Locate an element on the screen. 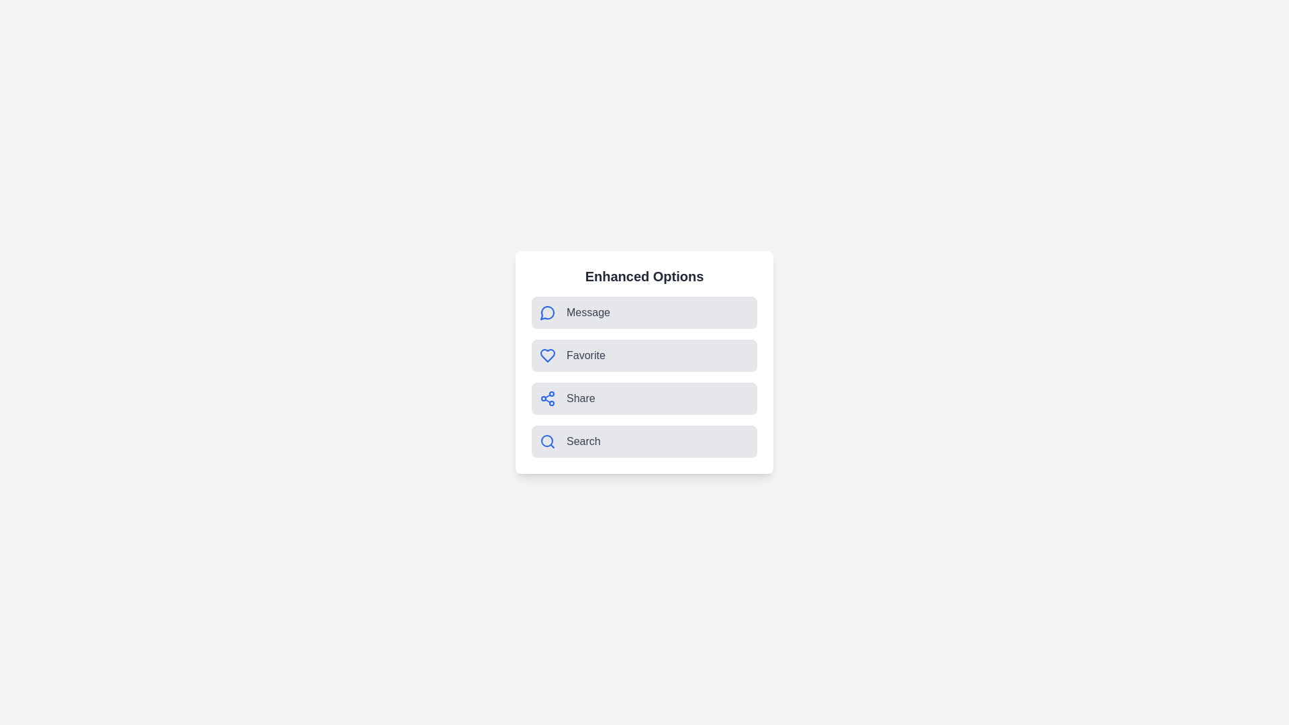 The height and width of the screenshot is (725, 1289). the Share option to observe visual feedback is located at coordinates (644, 398).